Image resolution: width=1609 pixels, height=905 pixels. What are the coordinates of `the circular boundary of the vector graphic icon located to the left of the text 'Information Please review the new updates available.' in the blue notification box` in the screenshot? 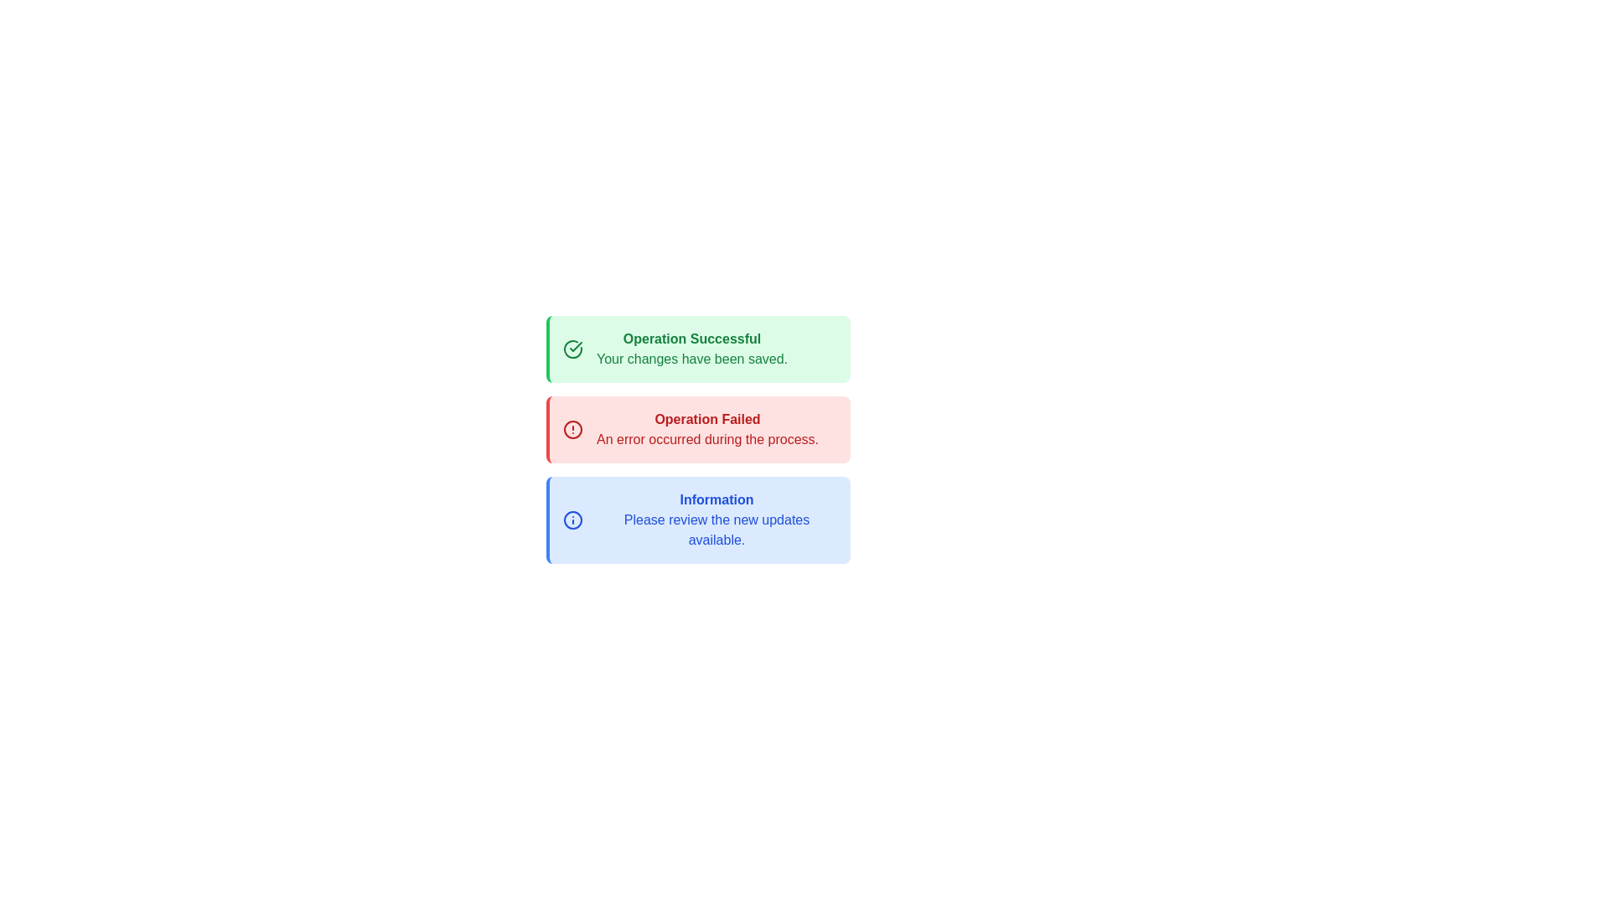 It's located at (573, 520).